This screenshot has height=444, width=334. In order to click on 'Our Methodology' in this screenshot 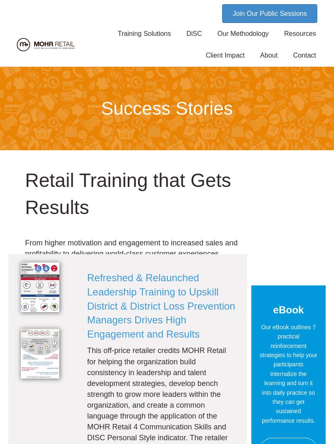, I will do `click(242, 33)`.